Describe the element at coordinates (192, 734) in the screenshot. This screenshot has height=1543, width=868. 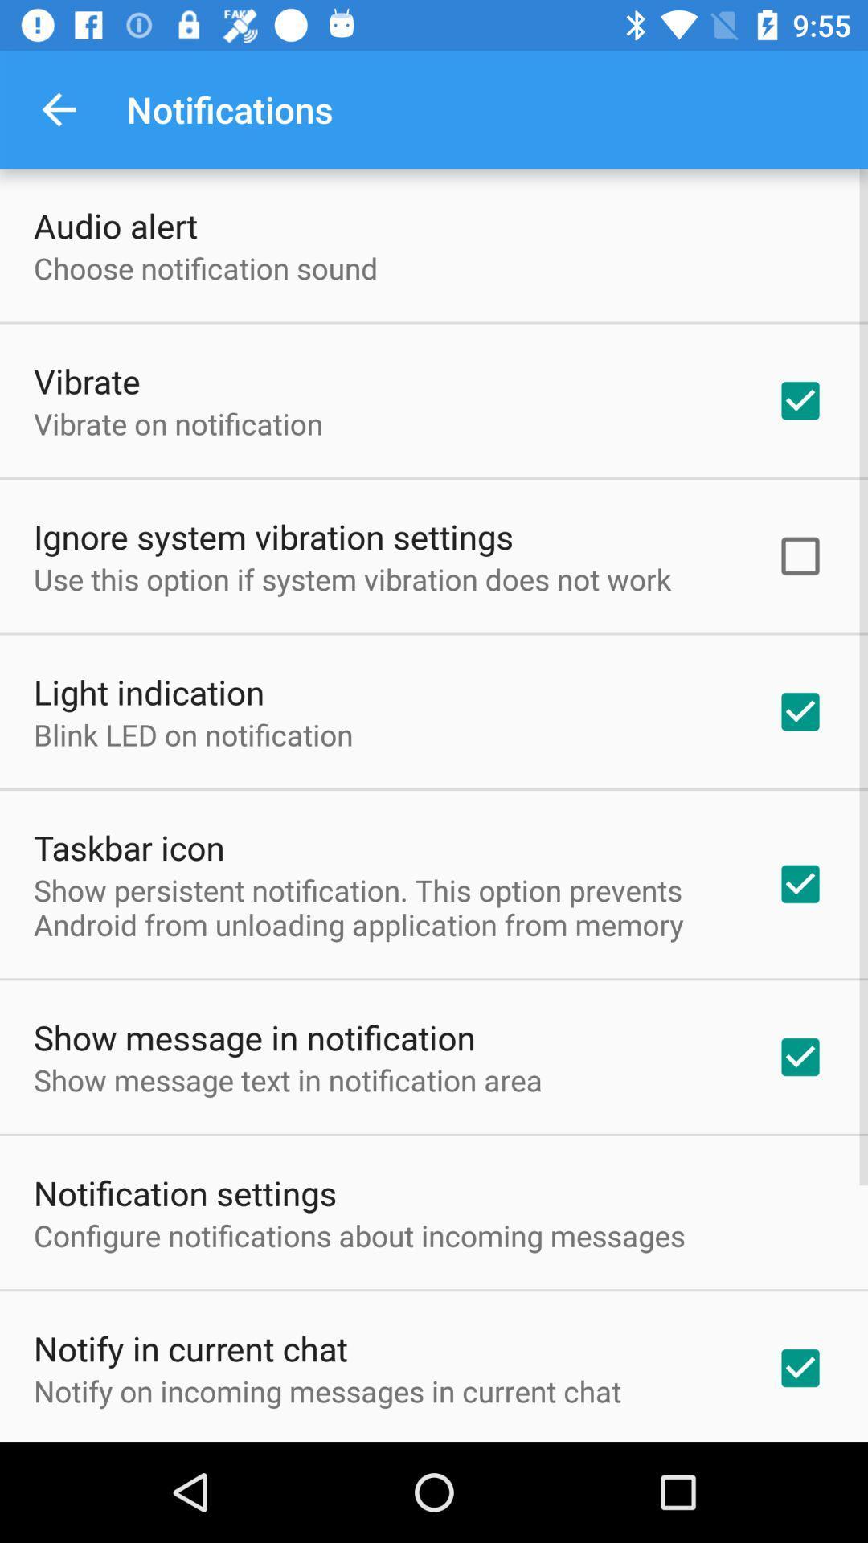
I see `the icon above the taskbar icon icon` at that location.